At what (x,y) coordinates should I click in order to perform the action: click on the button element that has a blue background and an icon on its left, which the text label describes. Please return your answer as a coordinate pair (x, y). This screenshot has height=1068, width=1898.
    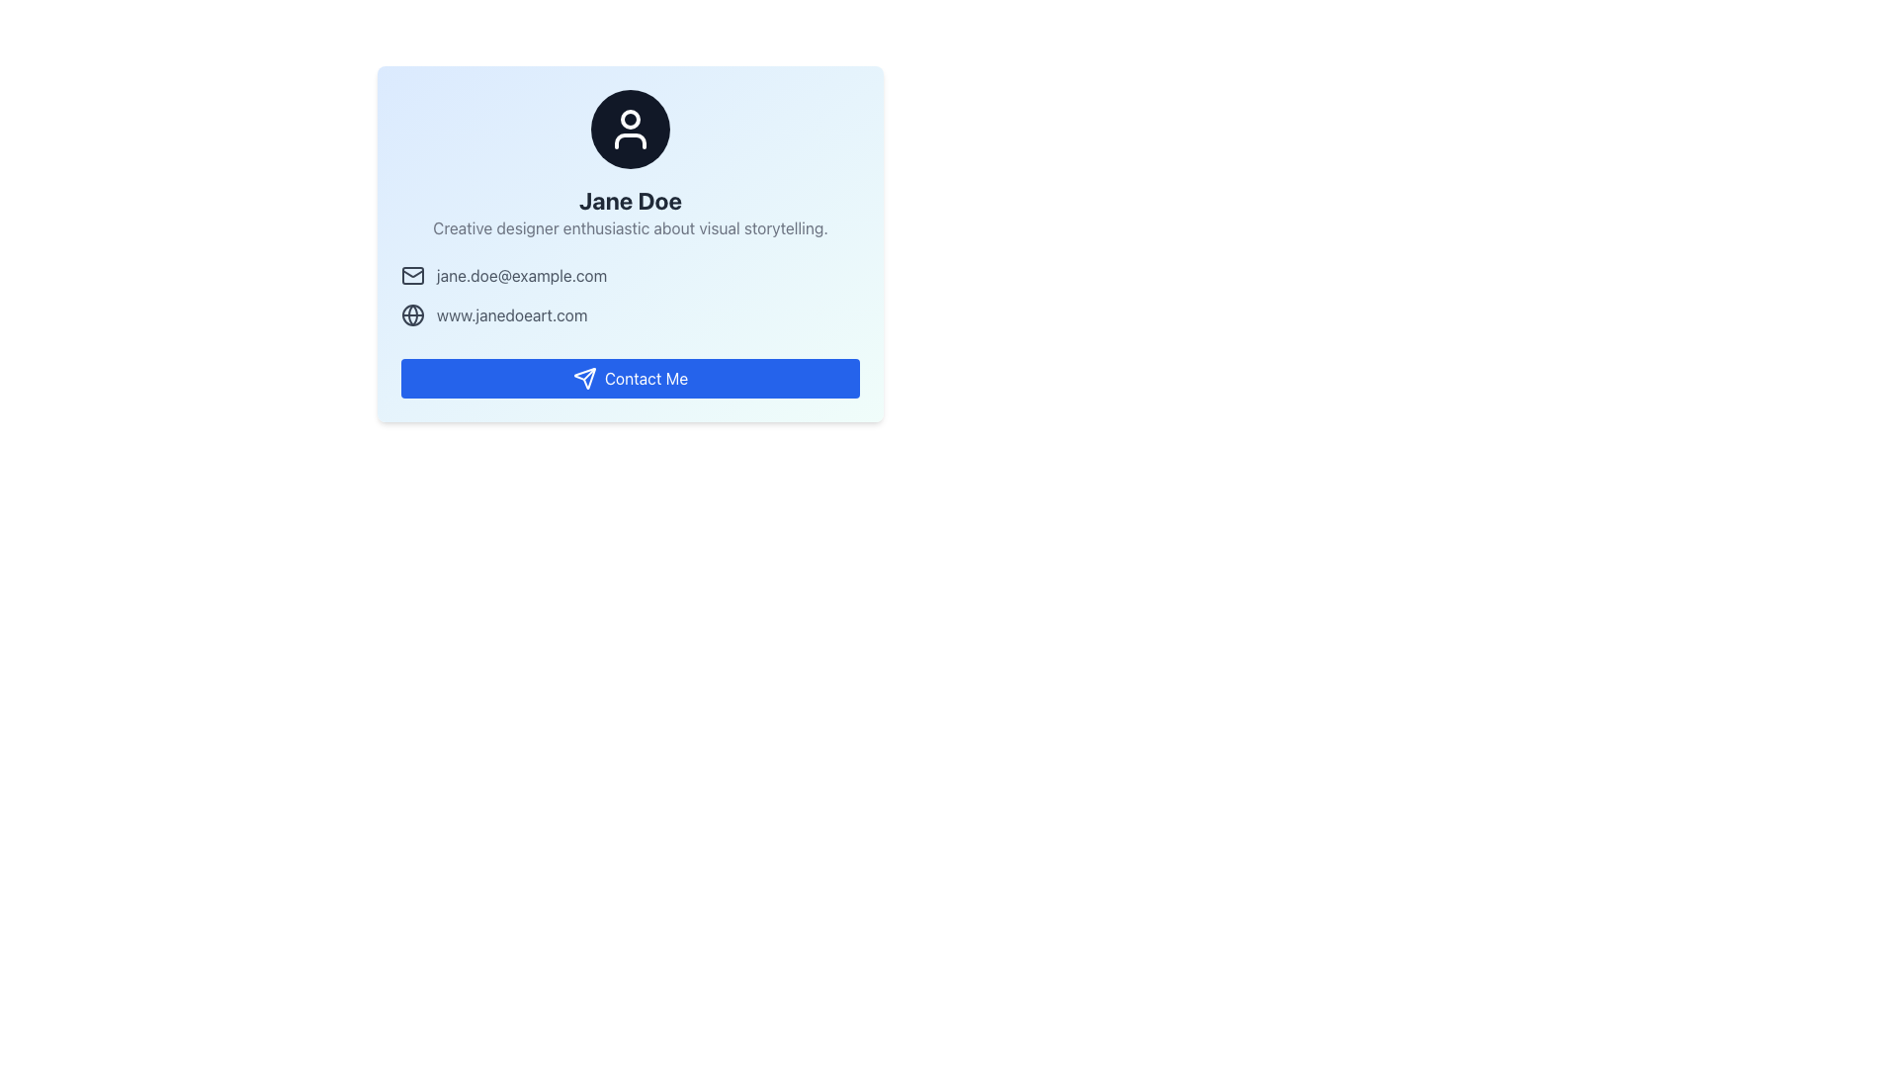
    Looking at the image, I should click on (646, 378).